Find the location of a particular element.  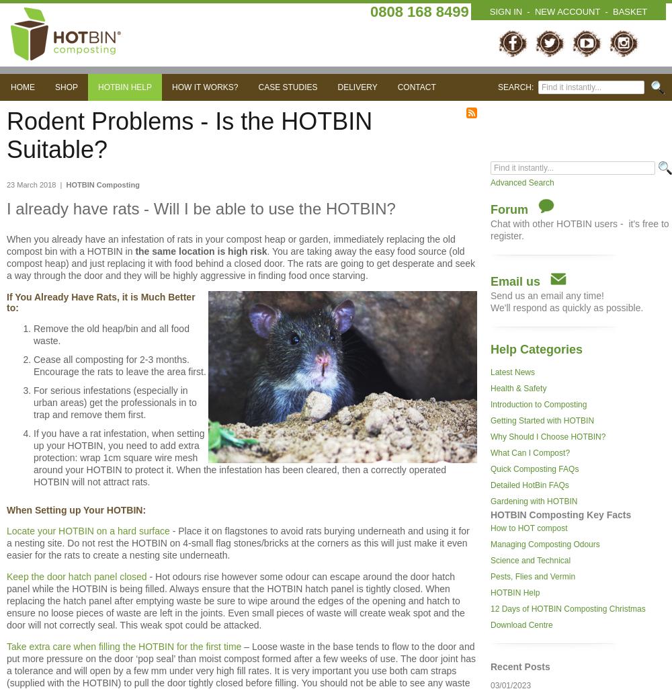

'Take extra care when filling the HOTBIN for the first time' is located at coordinates (124, 646).